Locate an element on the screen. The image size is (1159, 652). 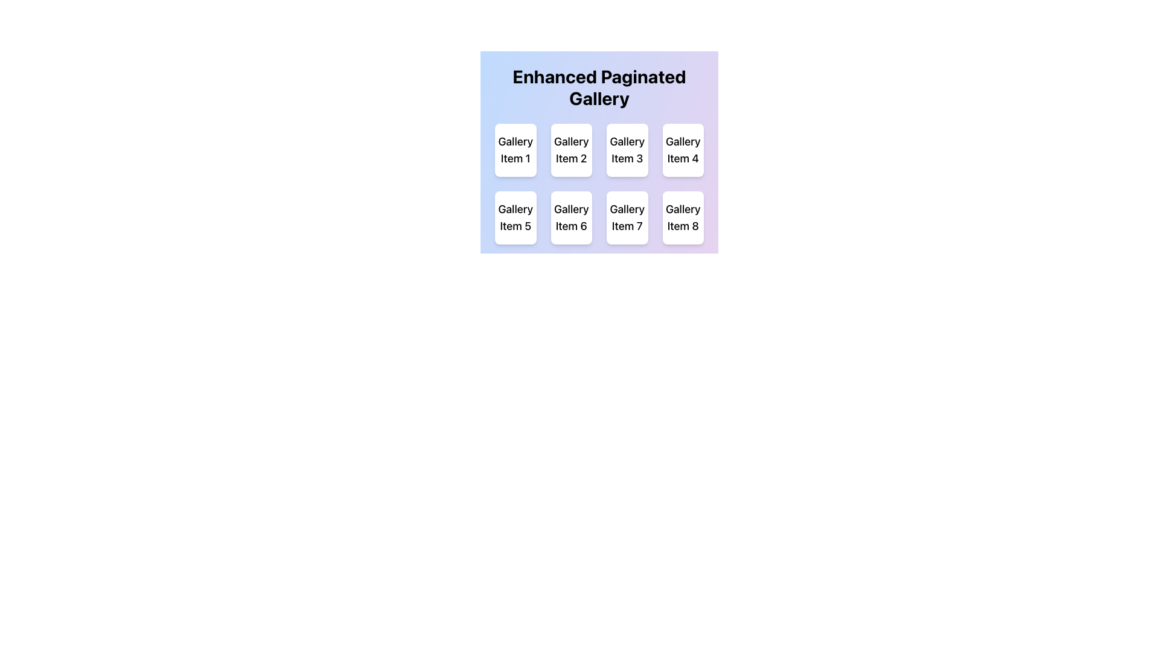
the third card in the gallery grid is located at coordinates (627, 150).